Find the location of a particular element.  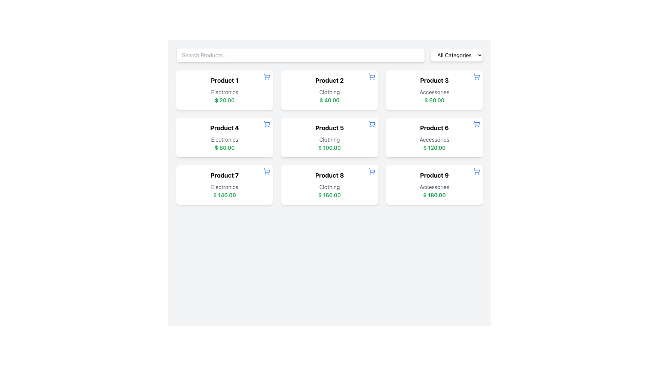

the price Text Label located within the card for 'Product 1' in the top-left corner of the grid, positioned below the category name 'Electronics' is located at coordinates (224, 100).